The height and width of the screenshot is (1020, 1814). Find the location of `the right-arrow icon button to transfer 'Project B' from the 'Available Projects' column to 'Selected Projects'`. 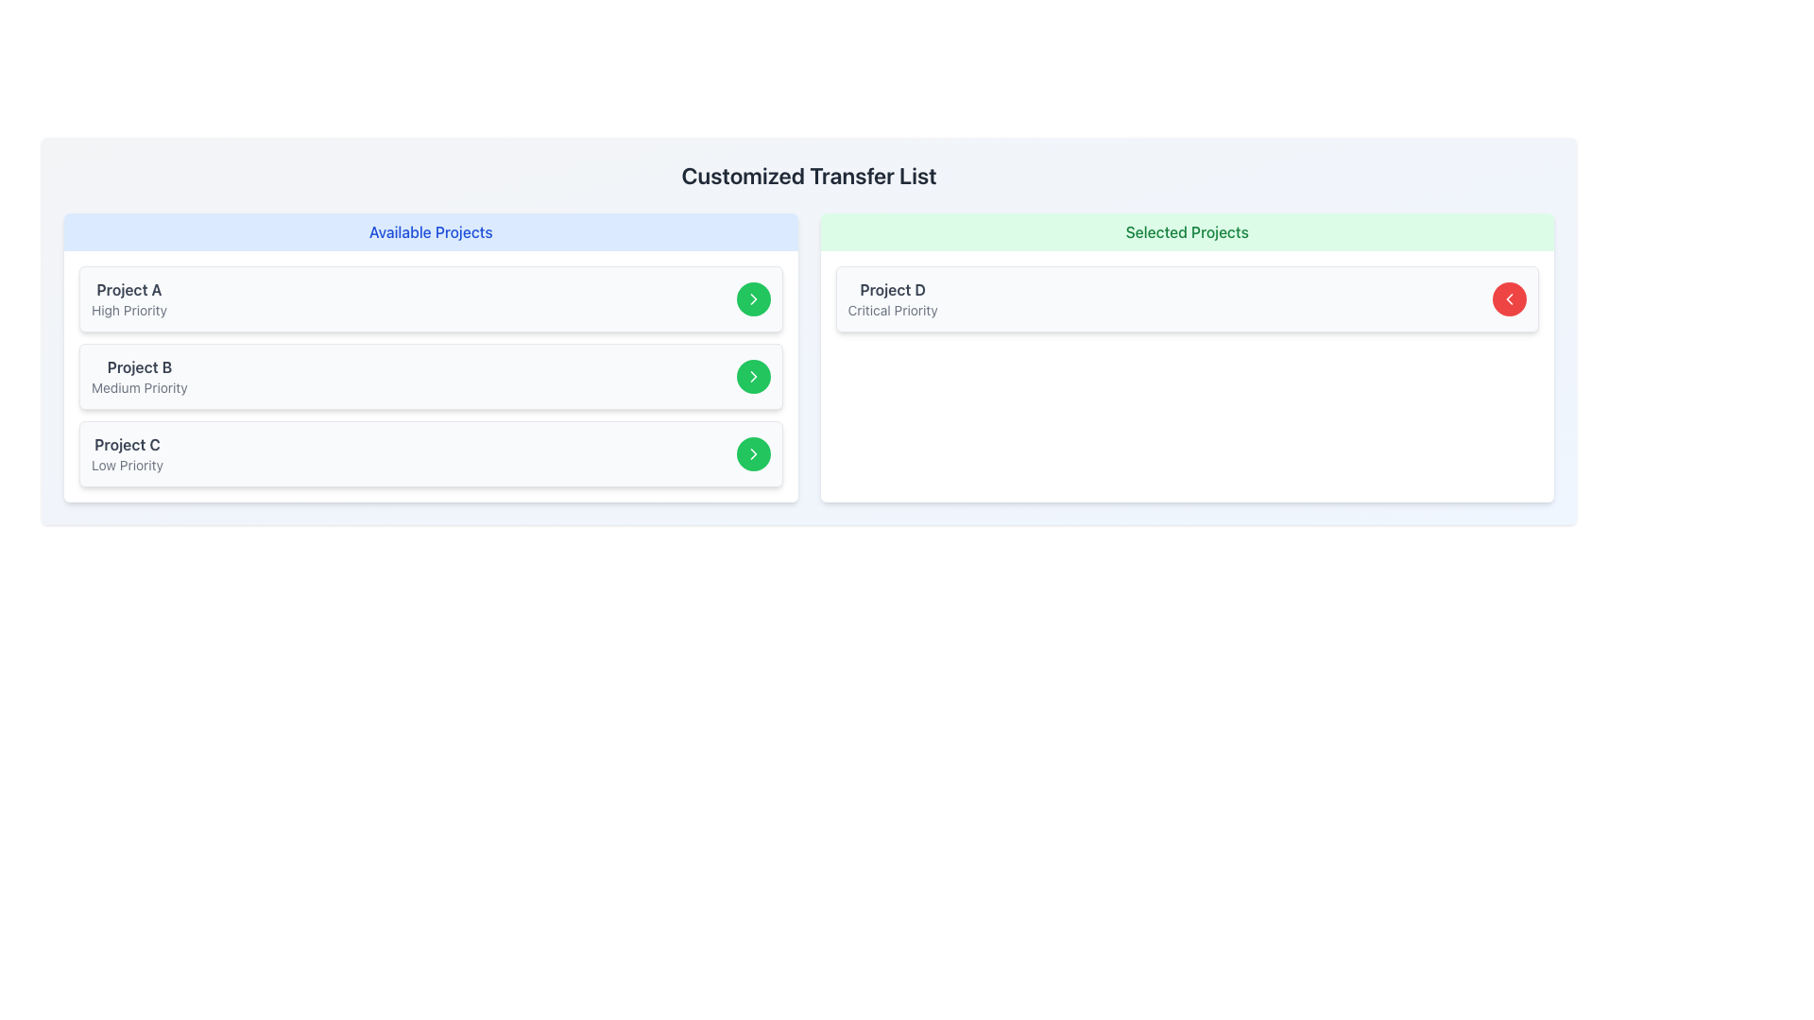

the right-arrow icon button to transfer 'Project B' from the 'Available Projects' column to 'Selected Projects' is located at coordinates (752, 376).